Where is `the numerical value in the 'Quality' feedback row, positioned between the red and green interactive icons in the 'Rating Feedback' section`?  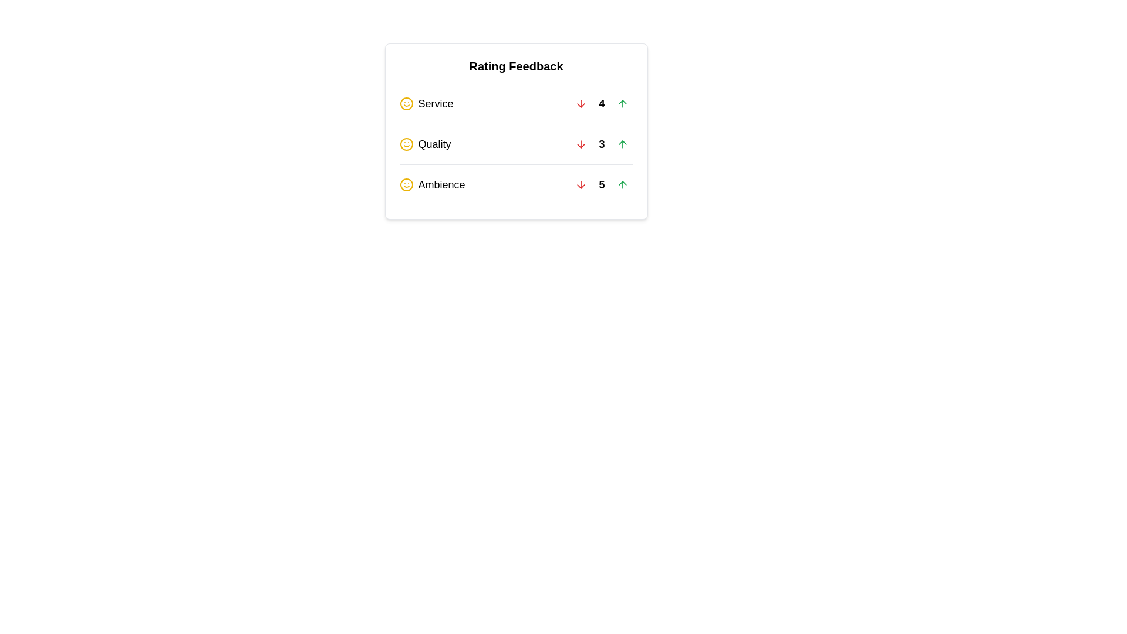
the numerical value in the 'Quality' feedback row, positioned between the red and green interactive icons in the 'Rating Feedback' section is located at coordinates (602, 144).